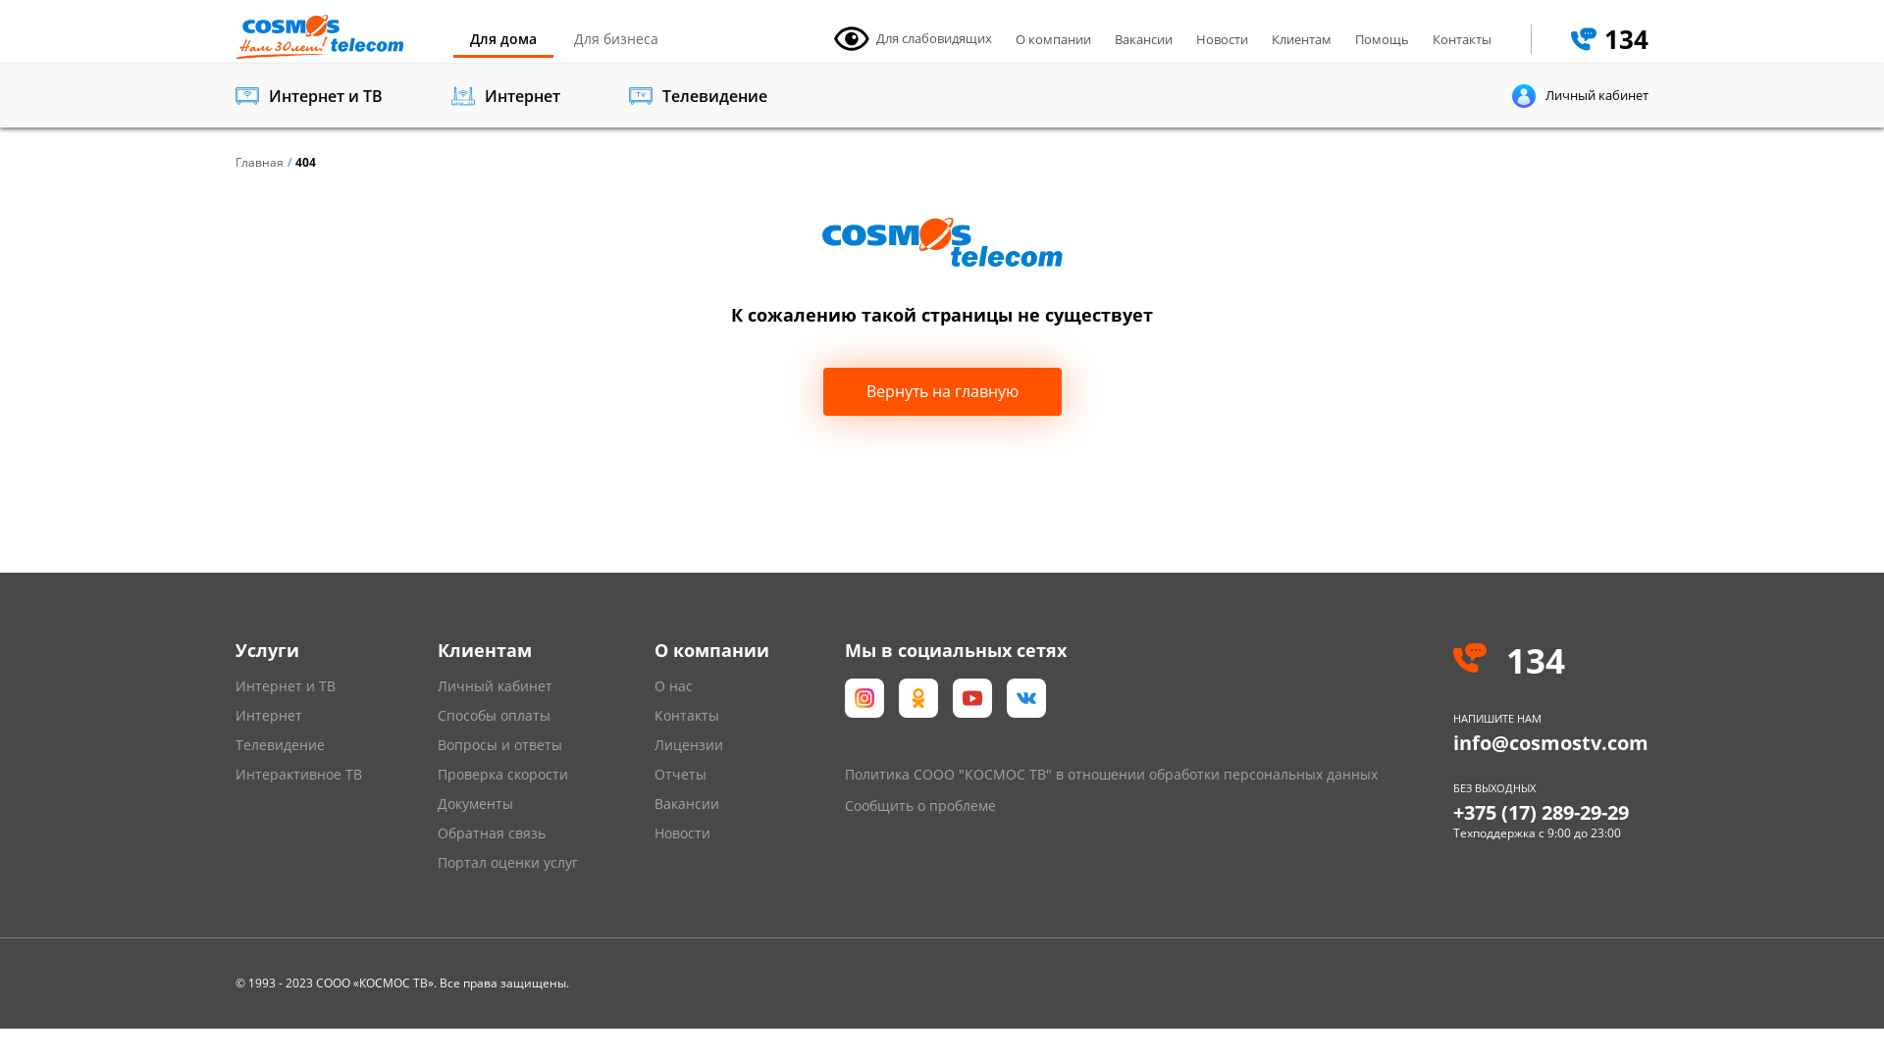 The image size is (1884, 1059). What do you see at coordinates (1453, 812) in the screenshot?
I see `'+375 (17) 289-29-29'` at bounding box center [1453, 812].